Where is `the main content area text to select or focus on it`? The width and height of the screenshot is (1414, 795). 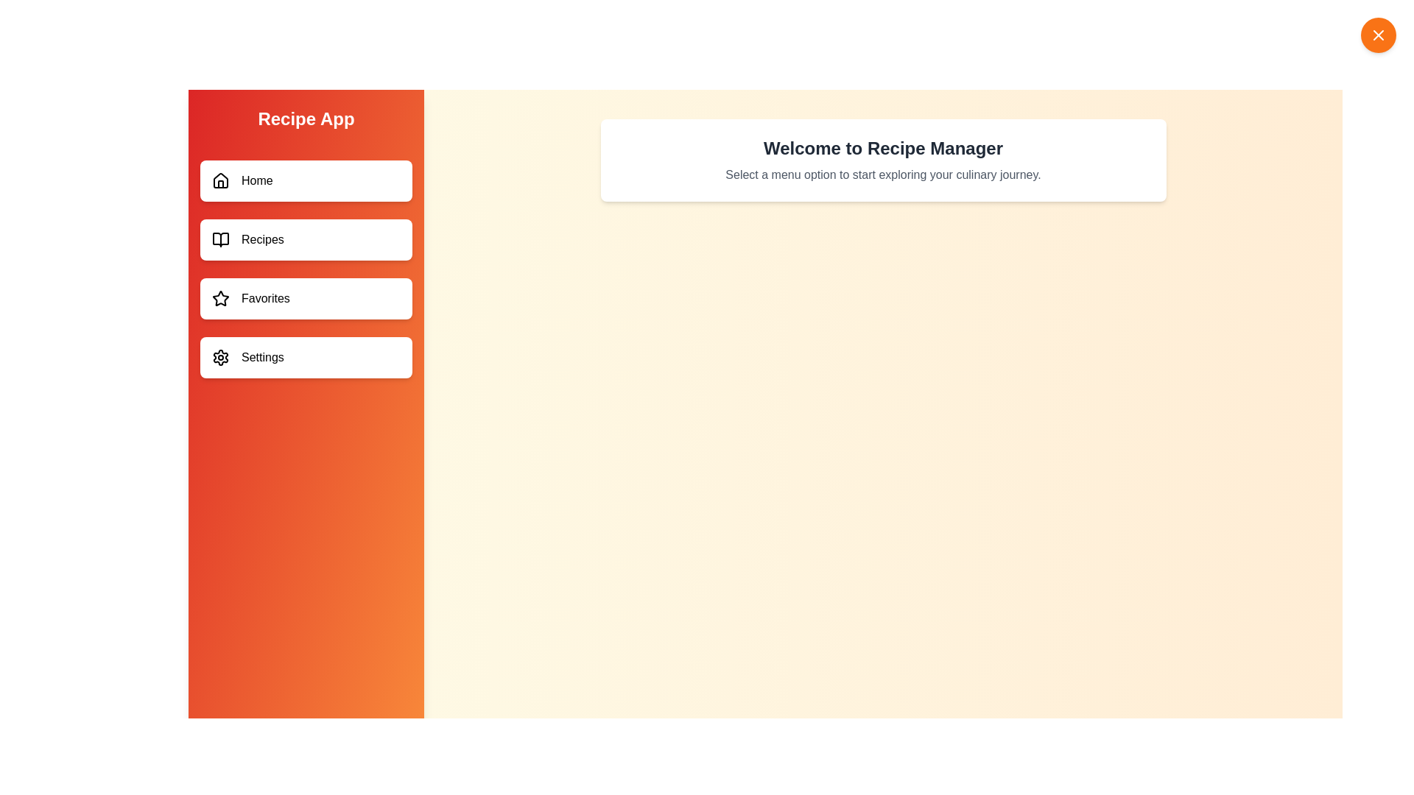 the main content area text to select or focus on it is located at coordinates (883, 148).